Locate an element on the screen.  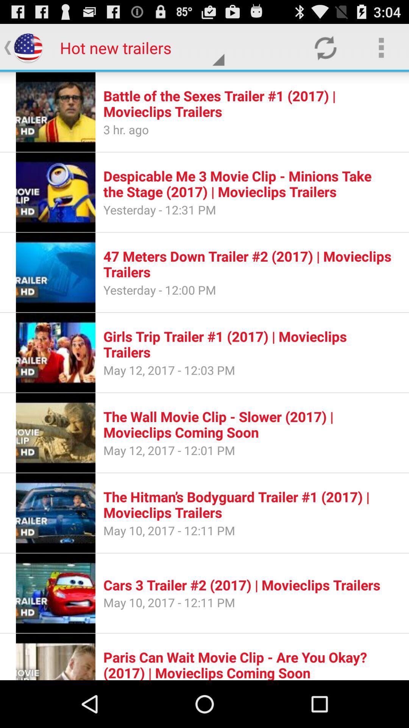
app above the battle of the app is located at coordinates (325, 47).